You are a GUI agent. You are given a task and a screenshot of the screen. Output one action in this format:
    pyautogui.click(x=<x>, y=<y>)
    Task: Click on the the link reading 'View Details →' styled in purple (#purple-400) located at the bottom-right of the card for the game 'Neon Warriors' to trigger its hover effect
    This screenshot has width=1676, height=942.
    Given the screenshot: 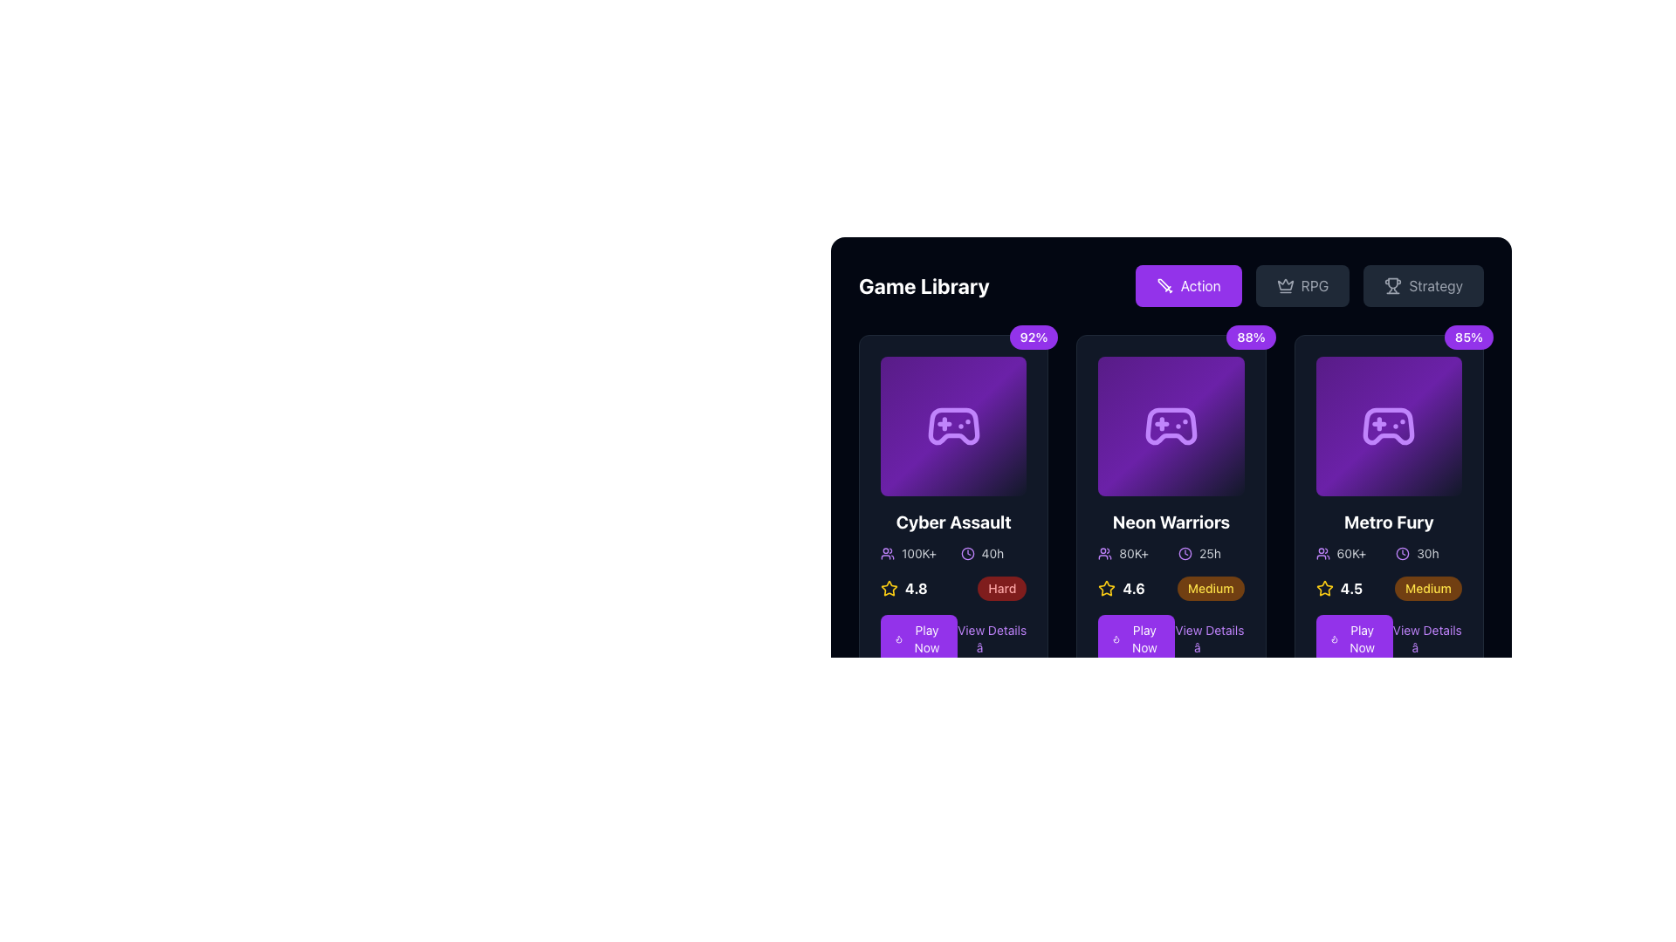 What is the action you would take?
    pyautogui.click(x=1208, y=638)
    